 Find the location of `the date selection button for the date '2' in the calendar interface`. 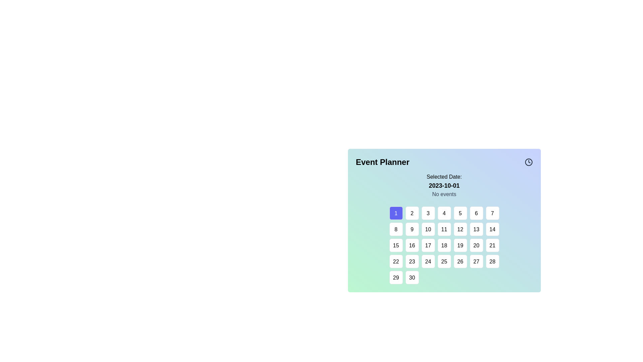

the date selection button for the date '2' in the calendar interface is located at coordinates (412, 213).